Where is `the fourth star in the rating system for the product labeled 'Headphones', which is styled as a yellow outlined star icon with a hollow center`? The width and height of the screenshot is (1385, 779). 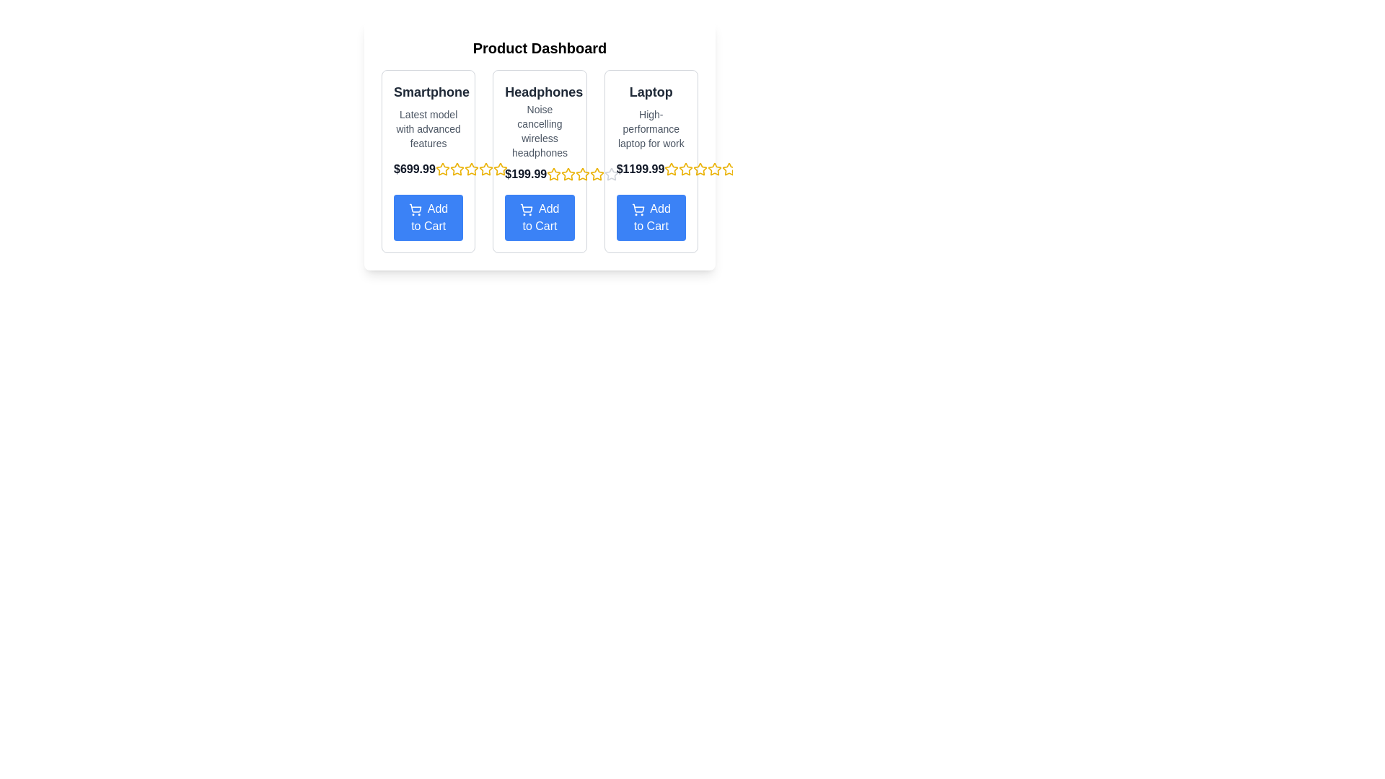
the fourth star in the rating system for the product labeled 'Headphones', which is styled as a yellow outlined star icon with a hollow center is located at coordinates (583, 173).